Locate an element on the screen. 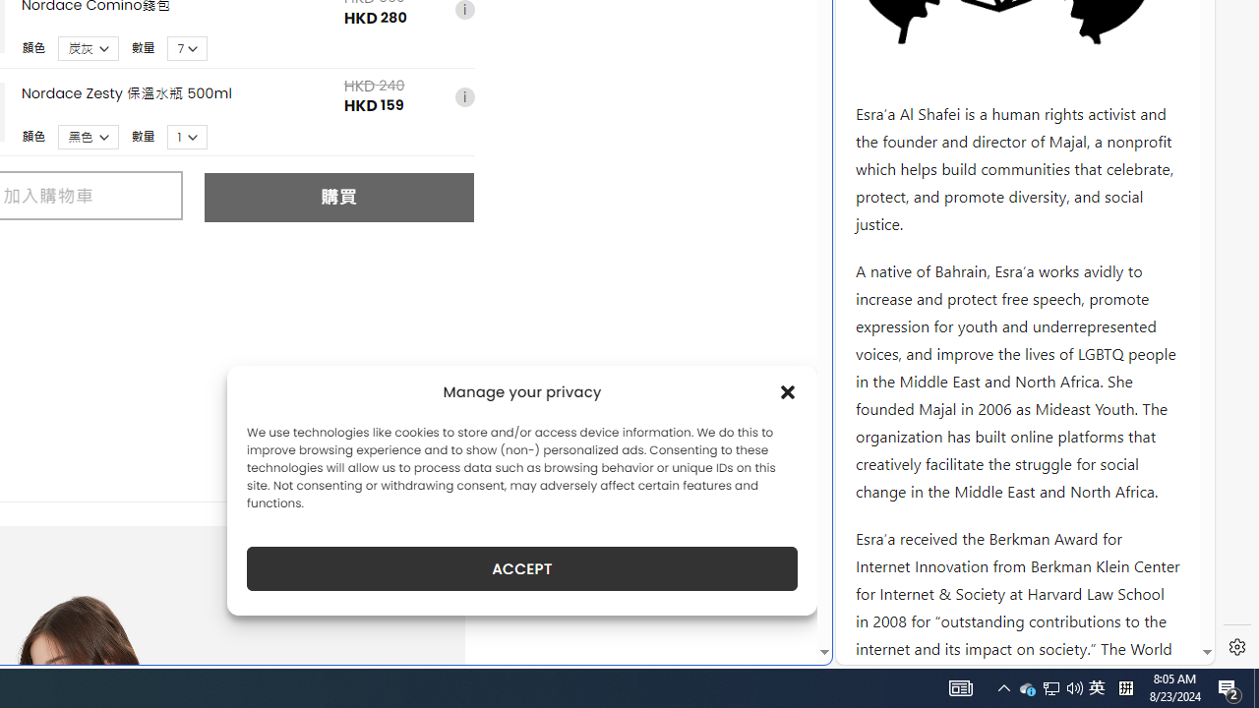 Image resolution: width=1259 pixels, height=708 pixels. 'ACCEPT' is located at coordinates (522, 568).